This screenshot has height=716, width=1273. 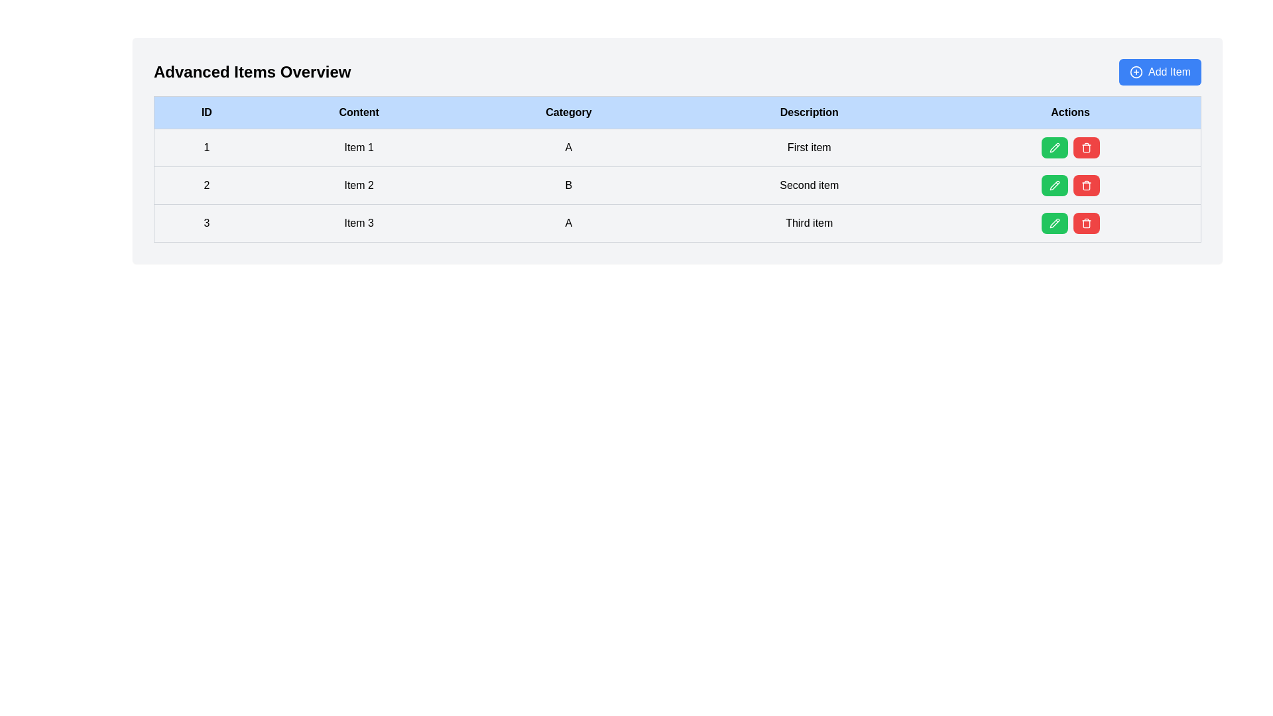 I want to click on the Trash Icon located in the Actions column of the last row in the table to initiate a delete action, so click(x=1086, y=148).